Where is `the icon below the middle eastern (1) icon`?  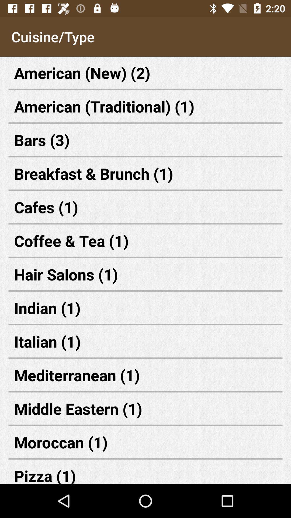
the icon below the middle eastern (1) icon is located at coordinates (145, 442).